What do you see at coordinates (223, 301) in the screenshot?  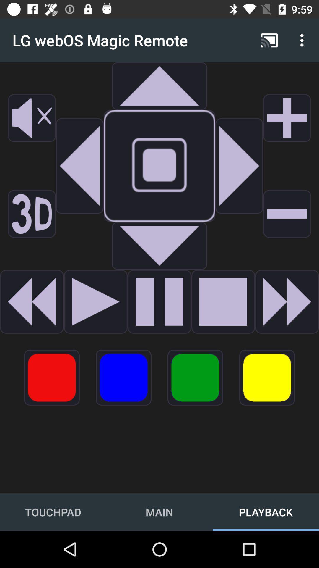 I see `press to stop` at bounding box center [223, 301].